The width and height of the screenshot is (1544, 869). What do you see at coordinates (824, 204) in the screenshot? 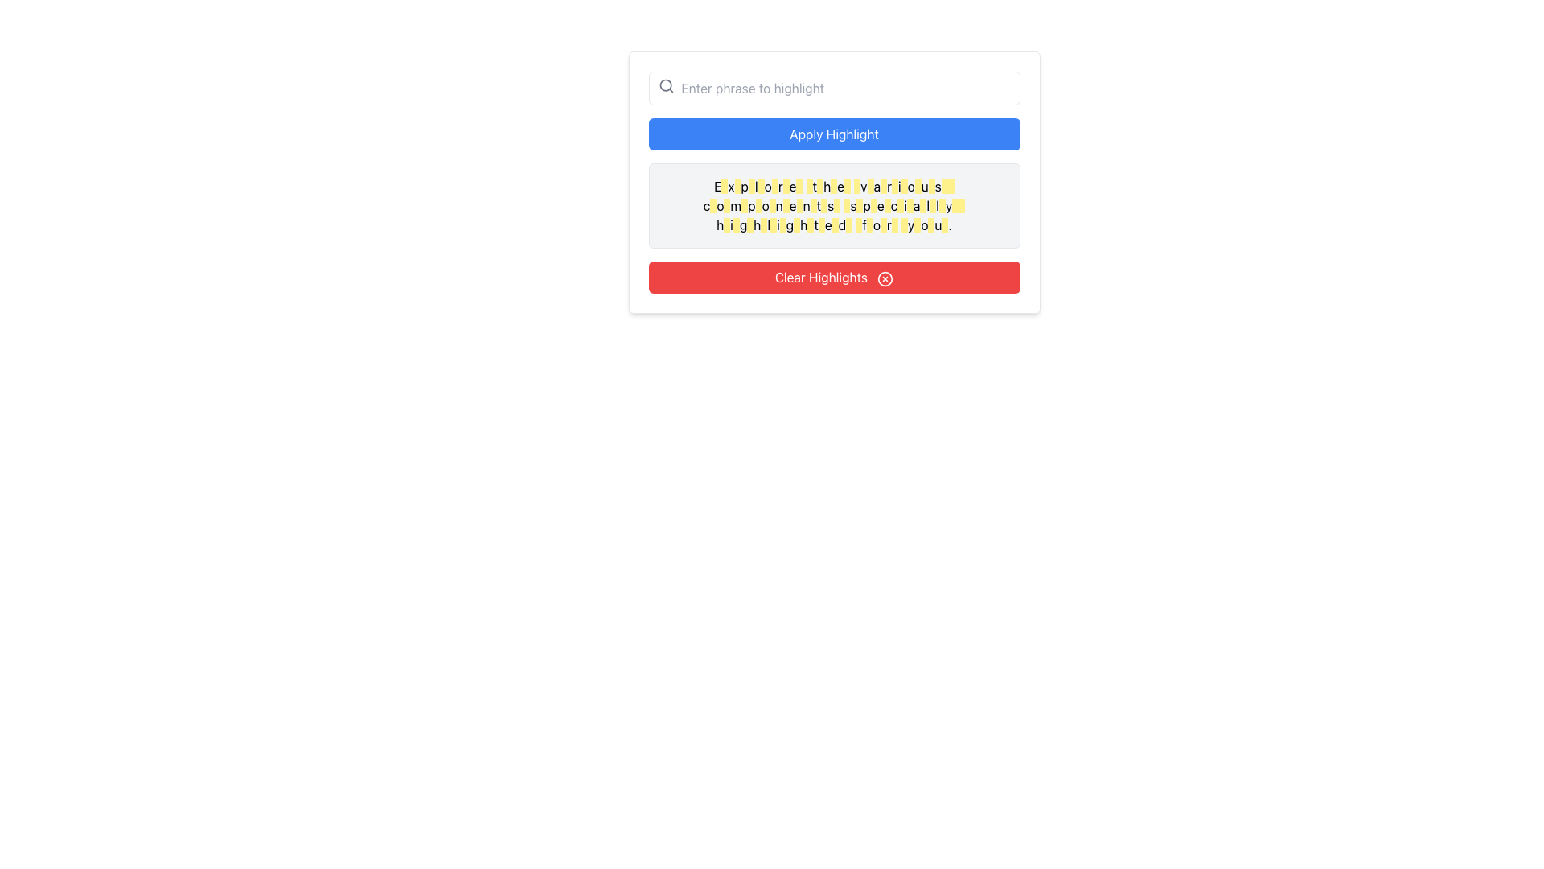
I see `the visual indicator (highlight box) that emphasizes the character 's' in the bottom row of the text` at bounding box center [824, 204].